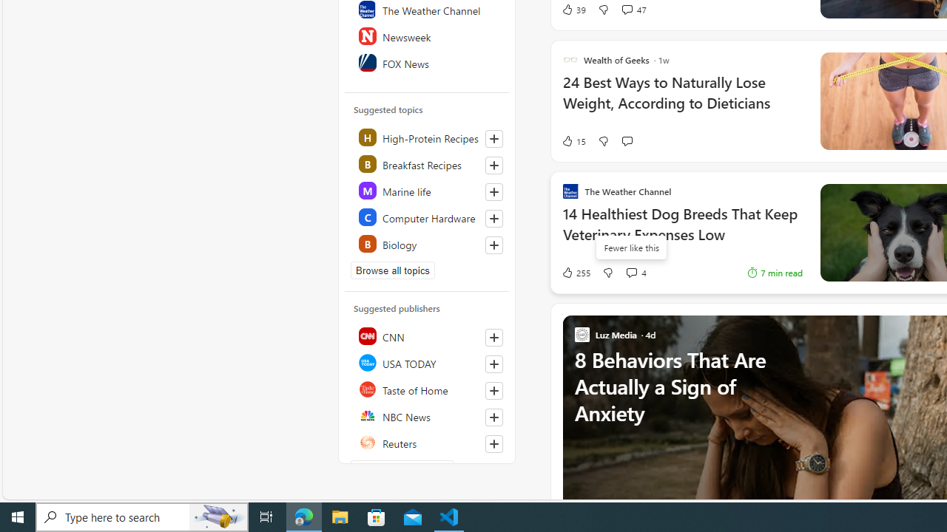 The image size is (947, 532). I want to click on 'Follow this topic', so click(494, 244).